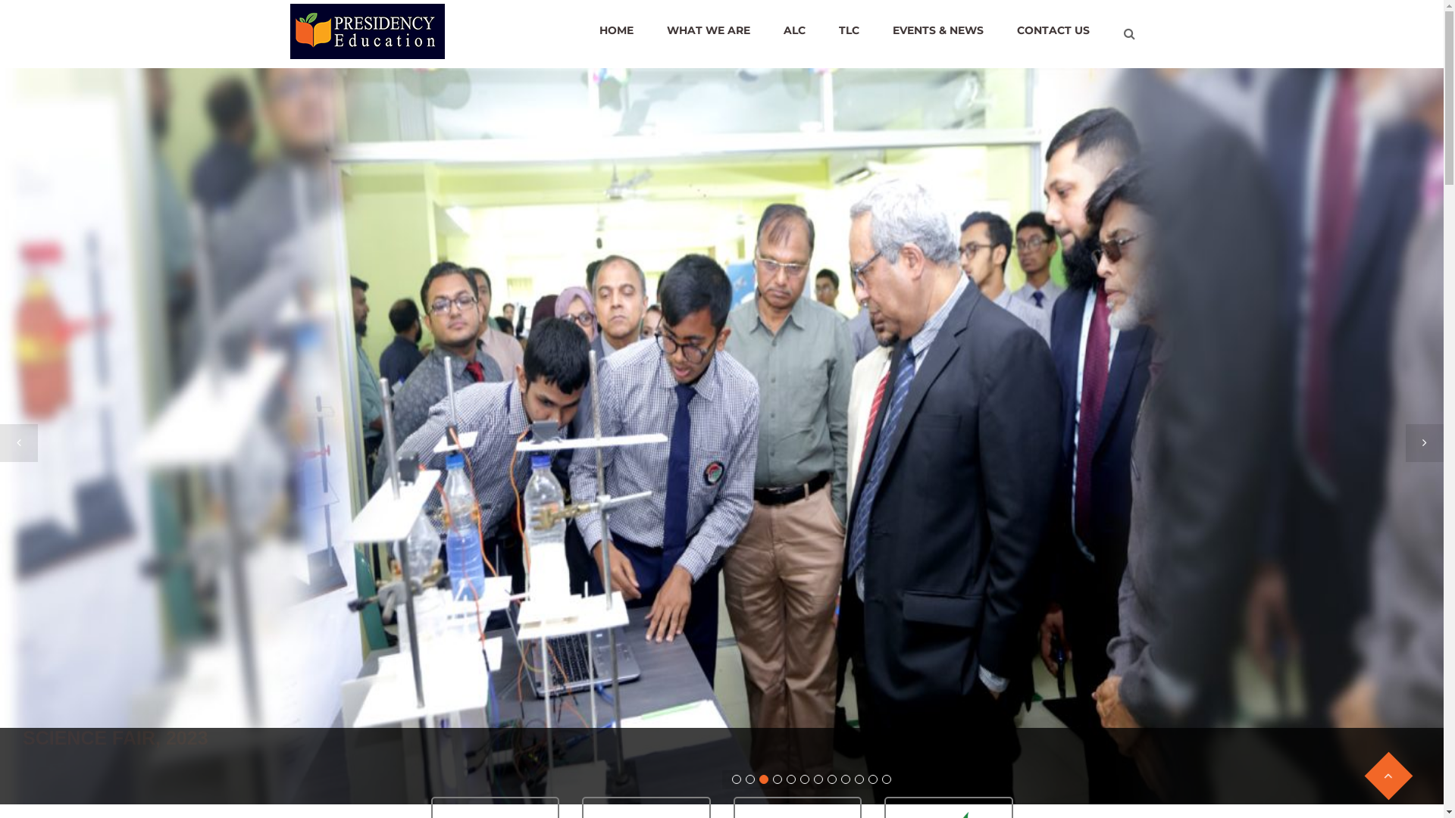 Image resolution: width=1455 pixels, height=818 pixels. Describe the element at coordinates (1424, 443) in the screenshot. I see `'Next'` at that location.